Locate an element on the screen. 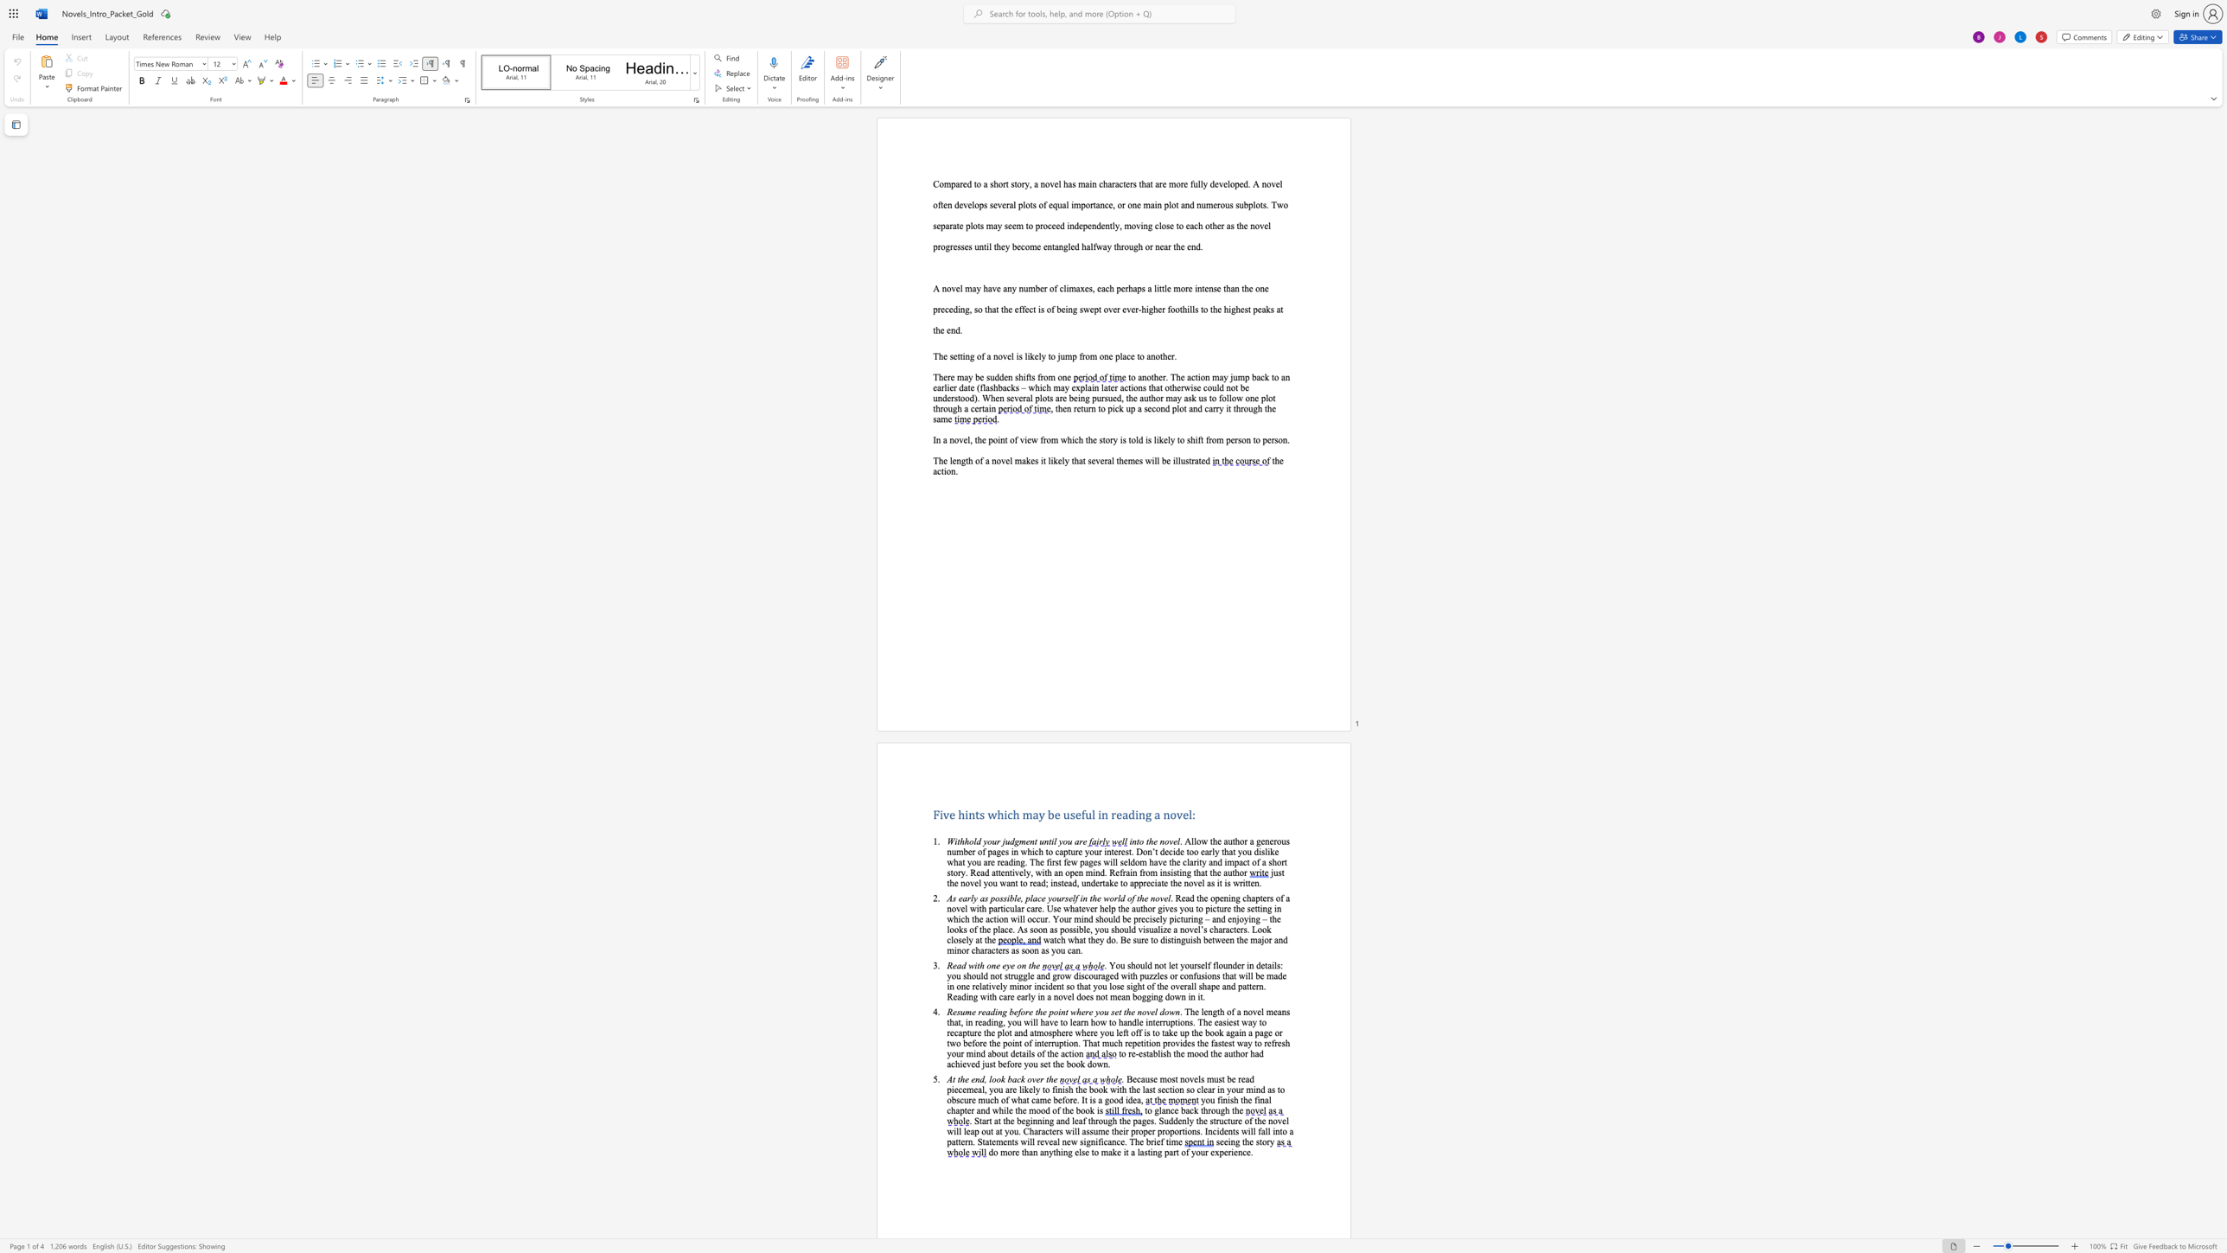 The height and width of the screenshot is (1253, 2227). the 9th character "n" in the text is located at coordinates (1158, 246).